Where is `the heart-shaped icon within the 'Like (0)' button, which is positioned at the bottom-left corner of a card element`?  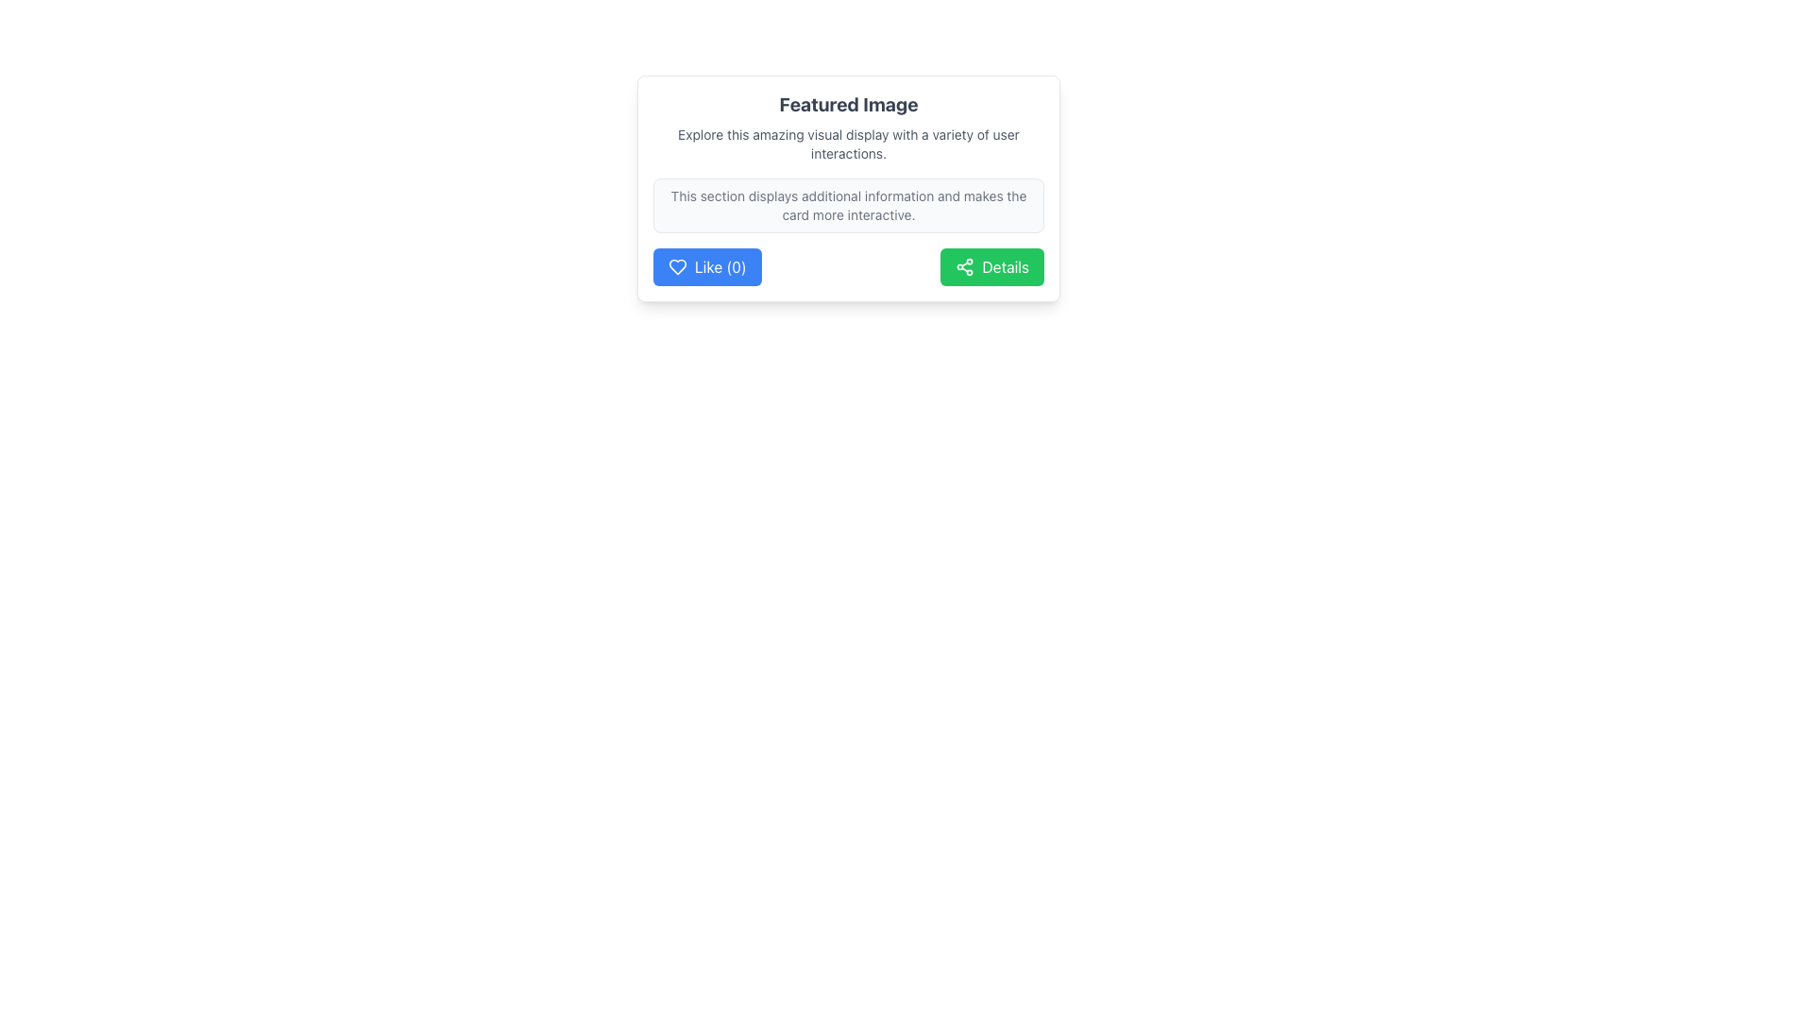
the heart-shaped icon within the 'Like (0)' button, which is positioned at the bottom-left corner of a card element is located at coordinates (678, 266).